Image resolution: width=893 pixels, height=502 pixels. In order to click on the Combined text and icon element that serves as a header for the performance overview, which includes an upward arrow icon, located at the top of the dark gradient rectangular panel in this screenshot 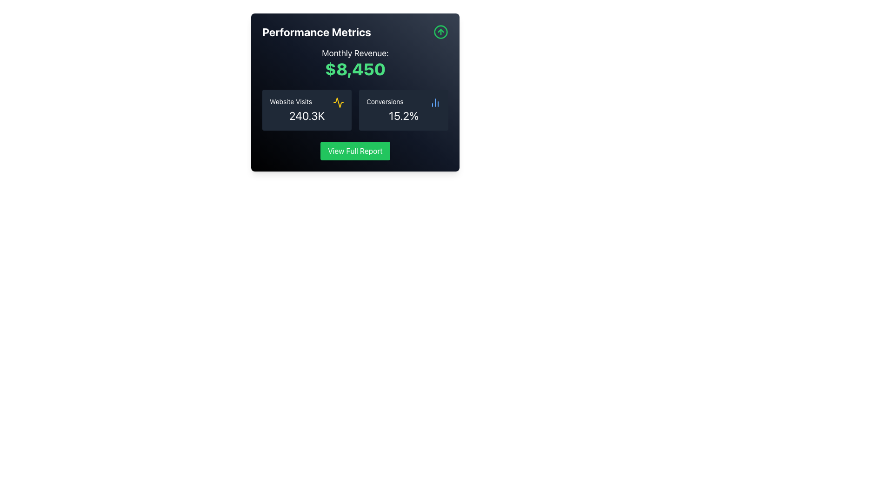, I will do `click(354, 32)`.